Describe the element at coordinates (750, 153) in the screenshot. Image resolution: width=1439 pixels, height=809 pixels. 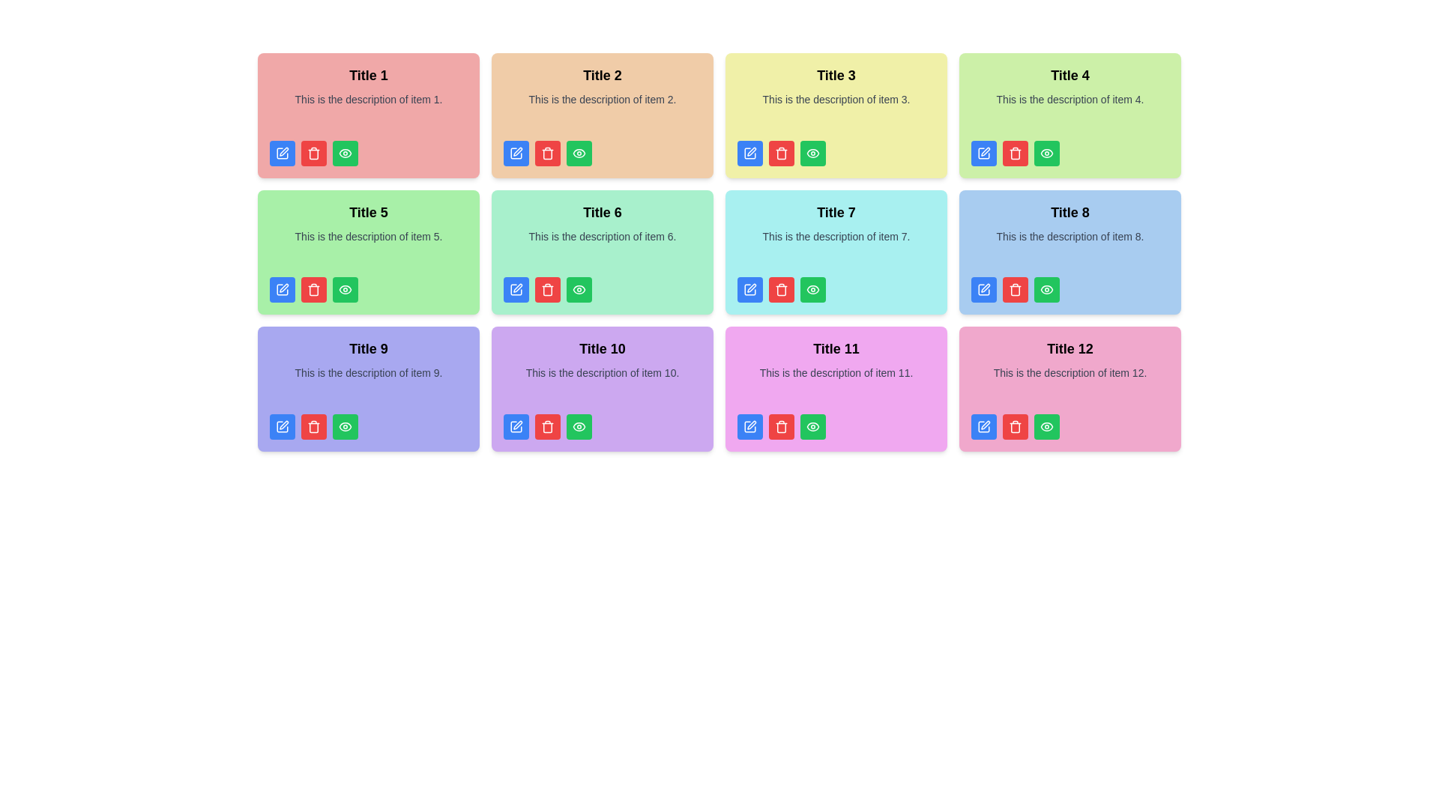
I see `the 'Edit' button located at the leftmost position of the three horizontally aligned buttons in the bottom section of the card titled 'Title 3'` at that location.